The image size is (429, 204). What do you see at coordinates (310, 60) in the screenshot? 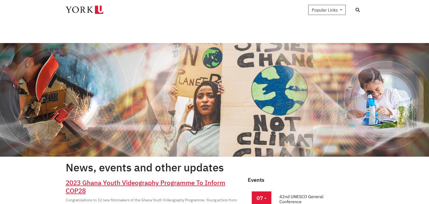
I see `'Recruiting young leaders to collect youth thoughts on technology in education!'` at bounding box center [310, 60].